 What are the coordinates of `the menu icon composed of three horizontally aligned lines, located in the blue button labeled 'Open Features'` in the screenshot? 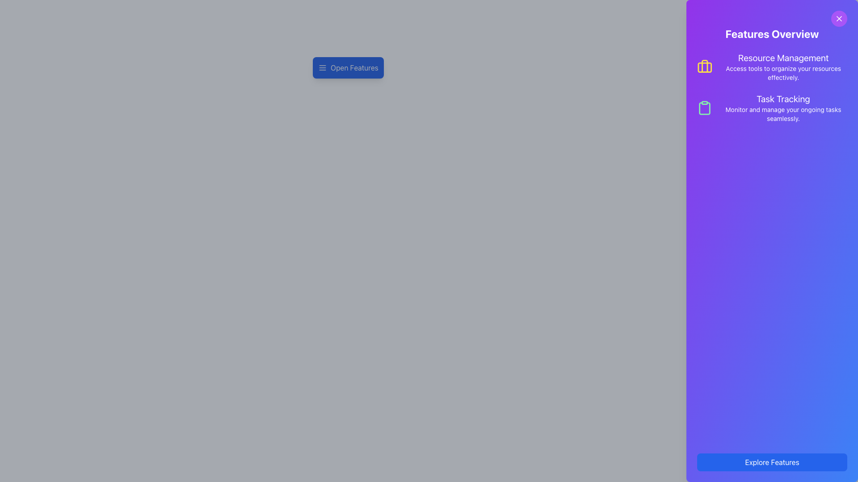 It's located at (322, 67).